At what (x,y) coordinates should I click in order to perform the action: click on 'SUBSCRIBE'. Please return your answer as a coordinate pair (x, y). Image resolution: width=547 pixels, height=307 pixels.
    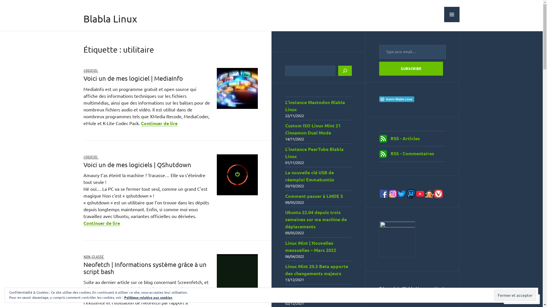
    Looking at the image, I should click on (411, 68).